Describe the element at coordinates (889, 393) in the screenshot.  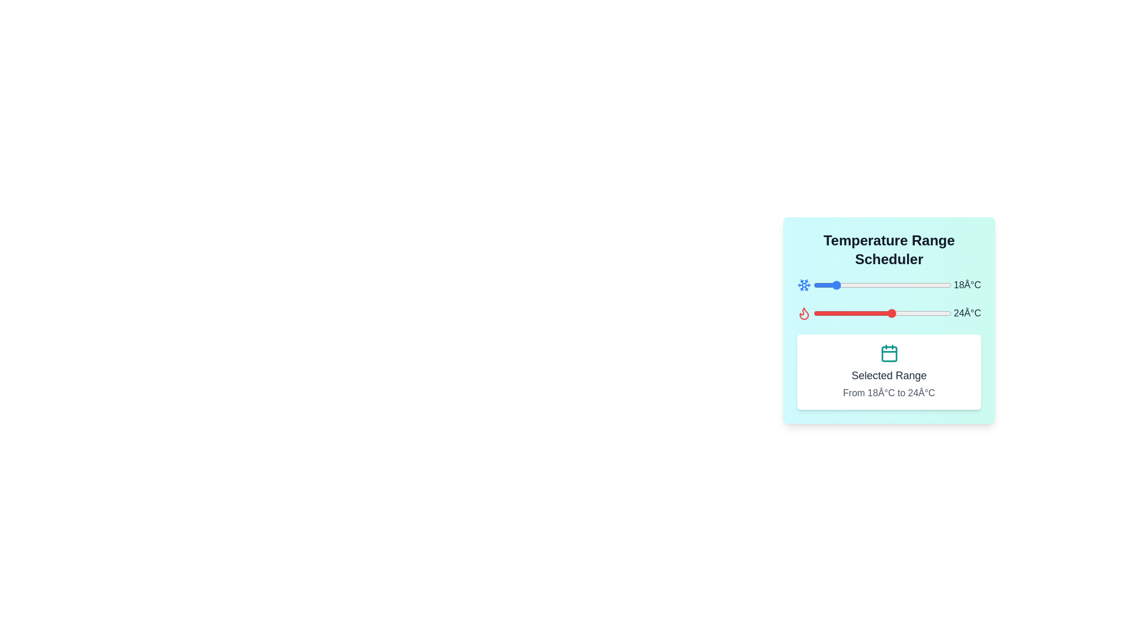
I see `the text label displaying the temperature range 'From 18°C to 24°C', which is styled in gray font and located below the header 'Selected Range'` at that location.